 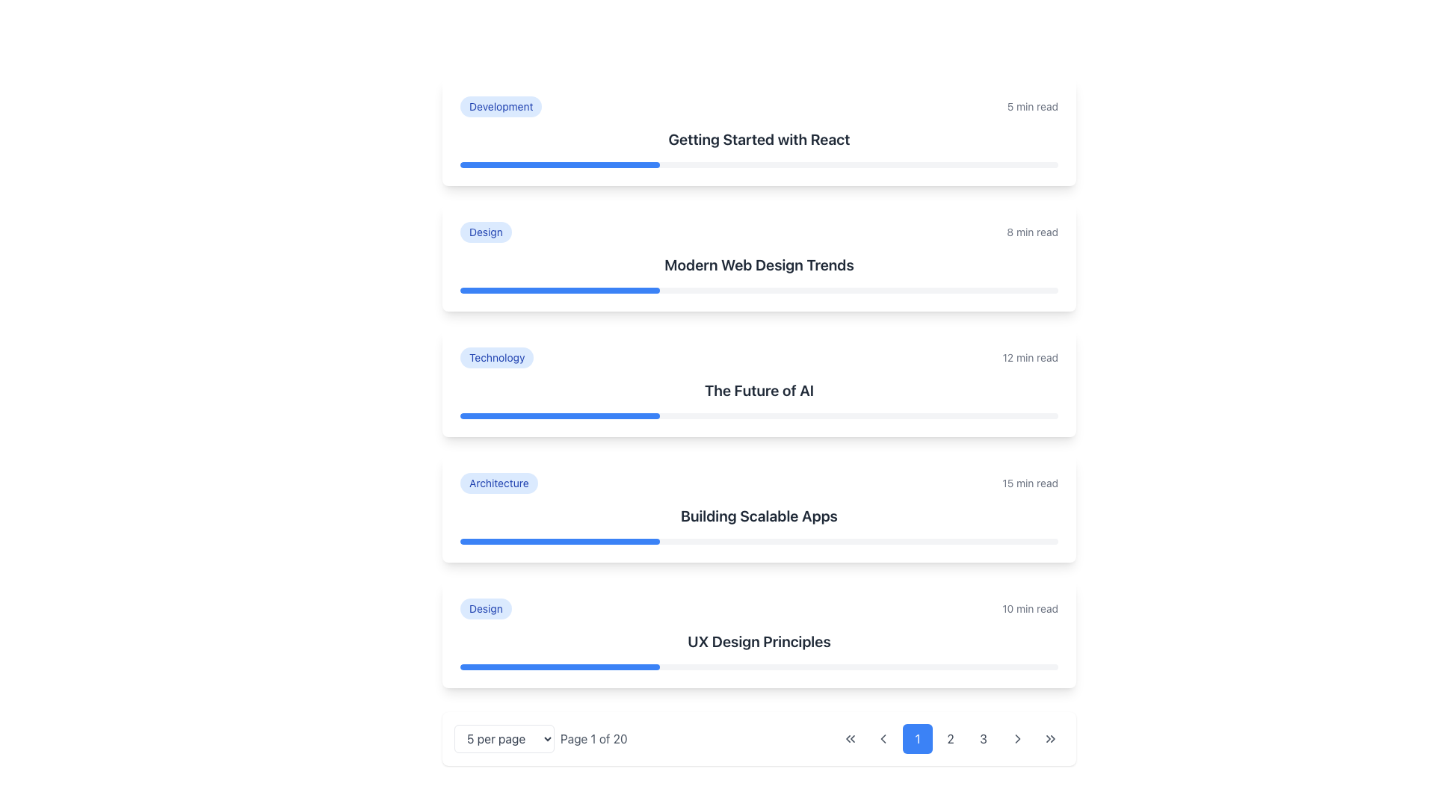 I want to click on the pagination button located at the bottom of the interface, which is the fourth button from the left, to observe the background color change, so click(x=1017, y=738).